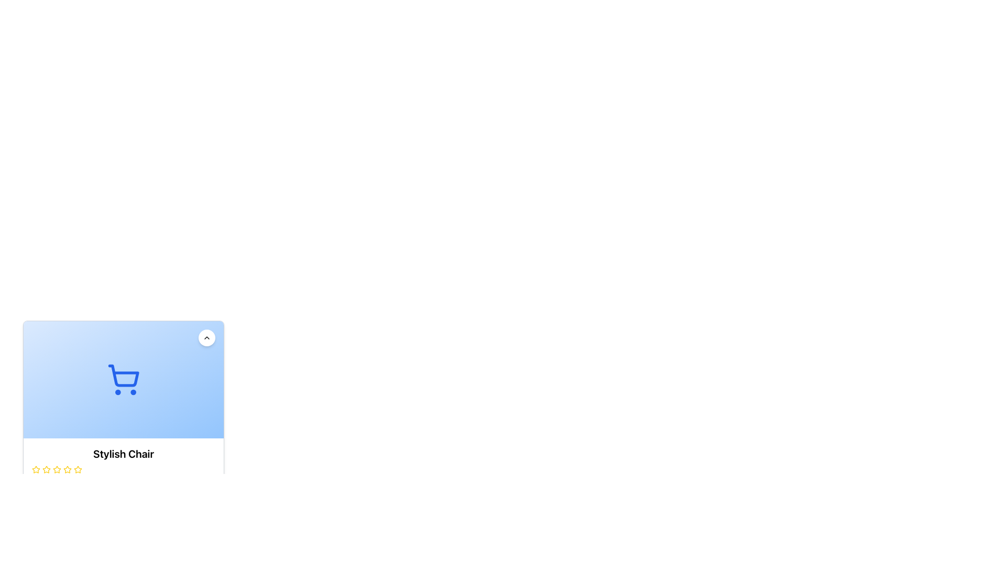  What do you see at coordinates (67, 469) in the screenshot?
I see `the sixth star in the rating system under 'Stylish Chair'` at bounding box center [67, 469].